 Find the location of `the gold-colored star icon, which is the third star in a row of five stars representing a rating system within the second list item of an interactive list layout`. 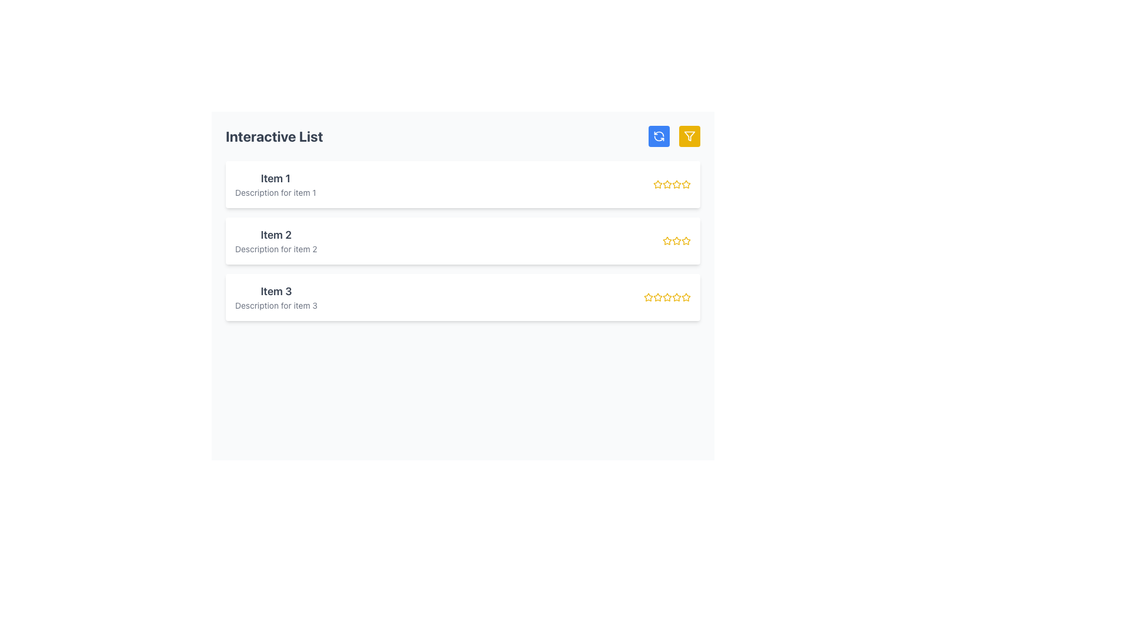

the gold-colored star icon, which is the third star in a row of five stars representing a rating system within the second list item of an interactive list layout is located at coordinates (677, 240).